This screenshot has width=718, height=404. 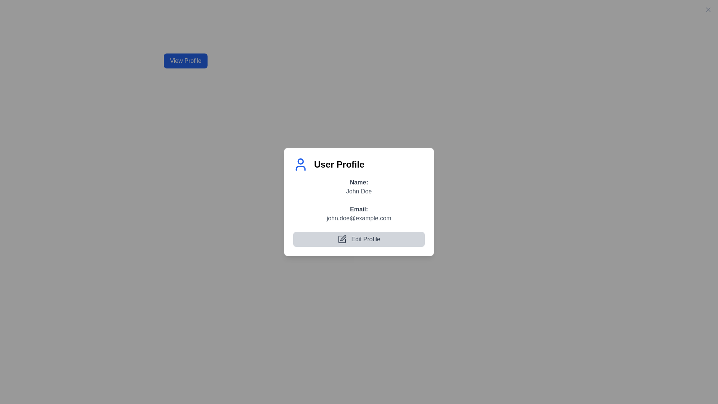 I want to click on the small pen icon located to the left of the 'Edit Profile' button at the bottom of the user profile card, so click(x=342, y=239).